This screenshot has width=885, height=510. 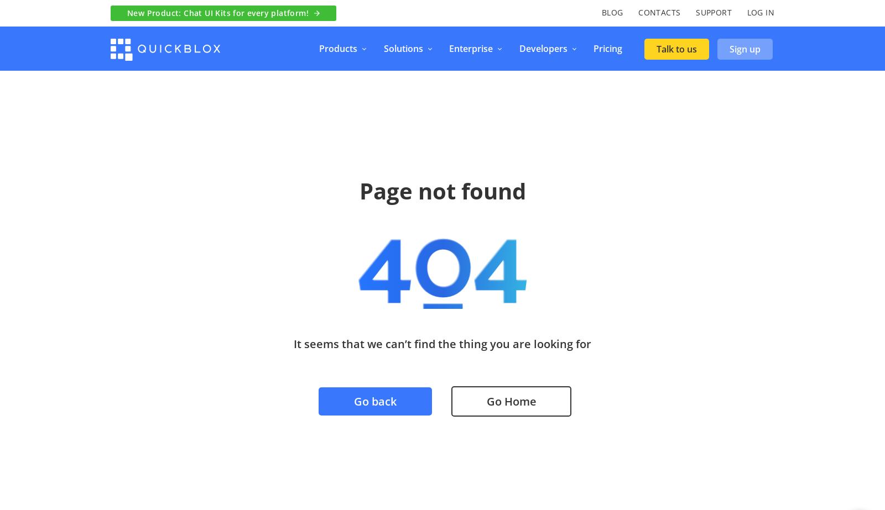 What do you see at coordinates (470, 48) in the screenshot?
I see `'Enterprise'` at bounding box center [470, 48].